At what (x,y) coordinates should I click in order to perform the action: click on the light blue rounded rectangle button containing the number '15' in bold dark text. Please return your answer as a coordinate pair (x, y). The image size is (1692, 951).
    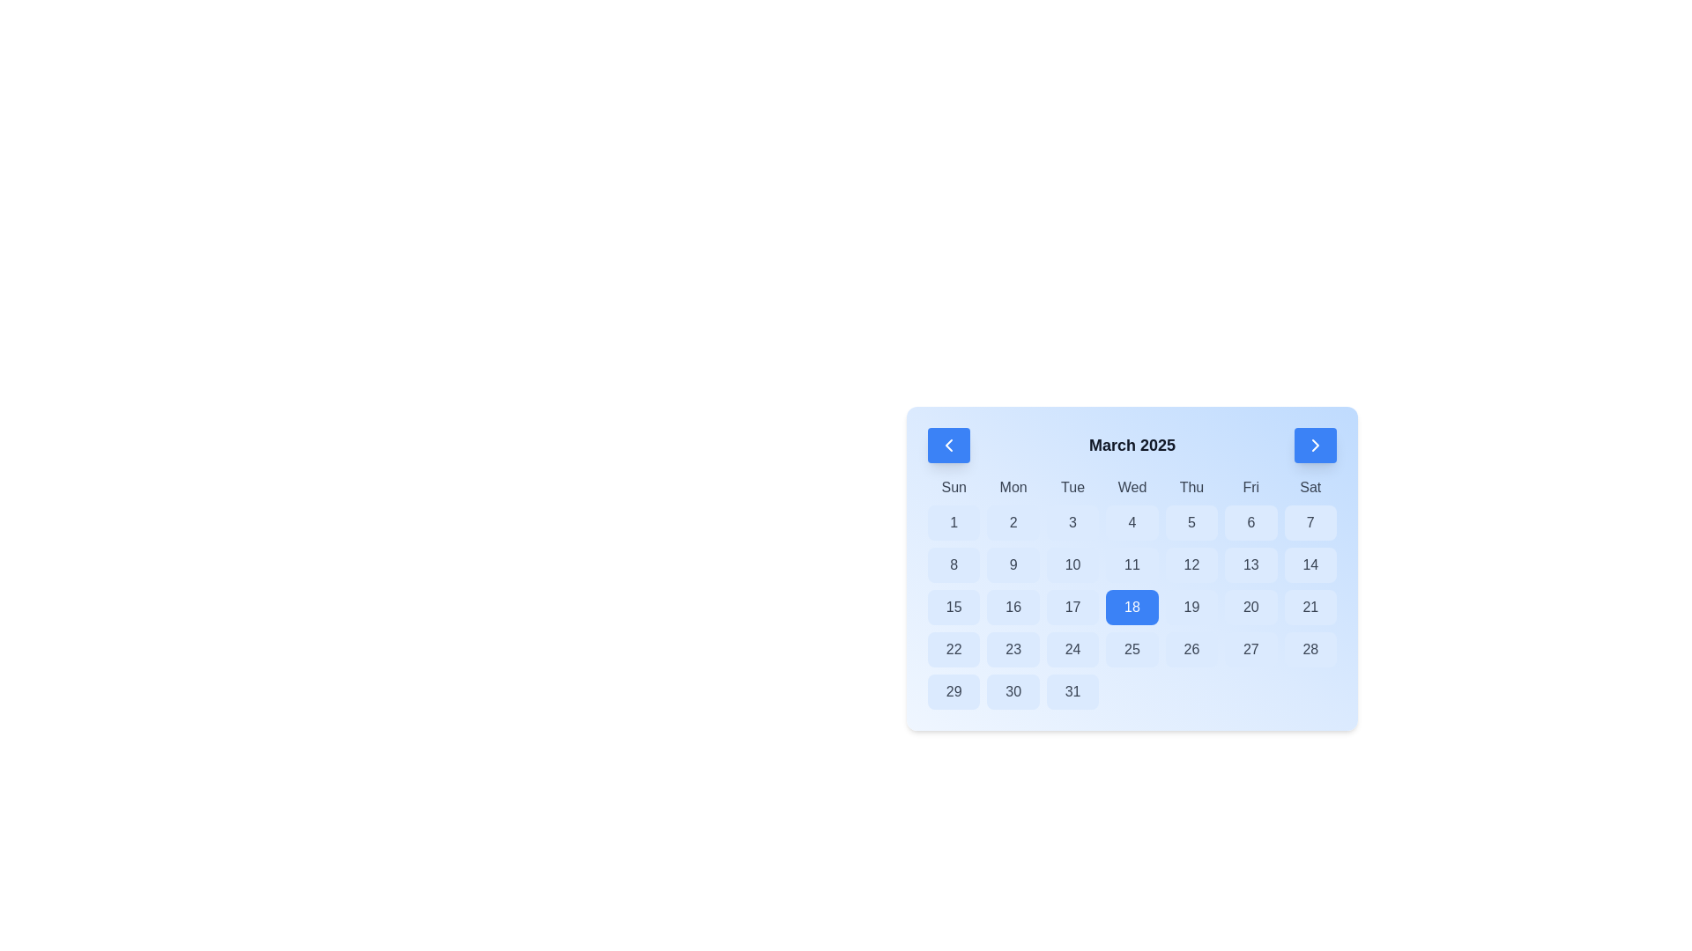
    Looking at the image, I should click on (953, 607).